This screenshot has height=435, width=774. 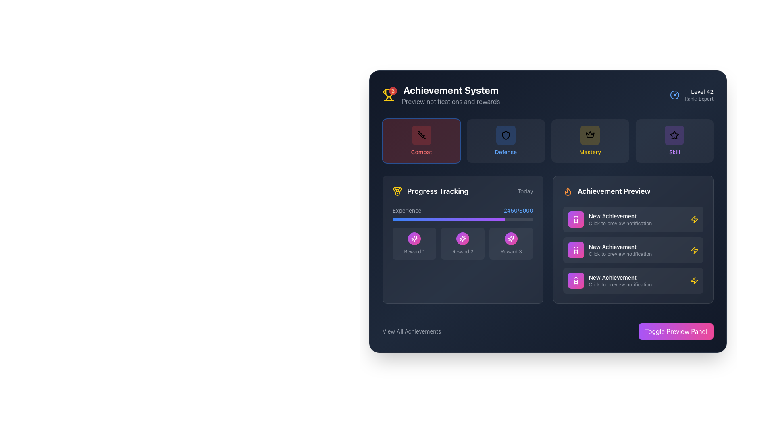 What do you see at coordinates (430, 191) in the screenshot?
I see `the 'Progress Tracking' label with a yellow medal icon` at bounding box center [430, 191].